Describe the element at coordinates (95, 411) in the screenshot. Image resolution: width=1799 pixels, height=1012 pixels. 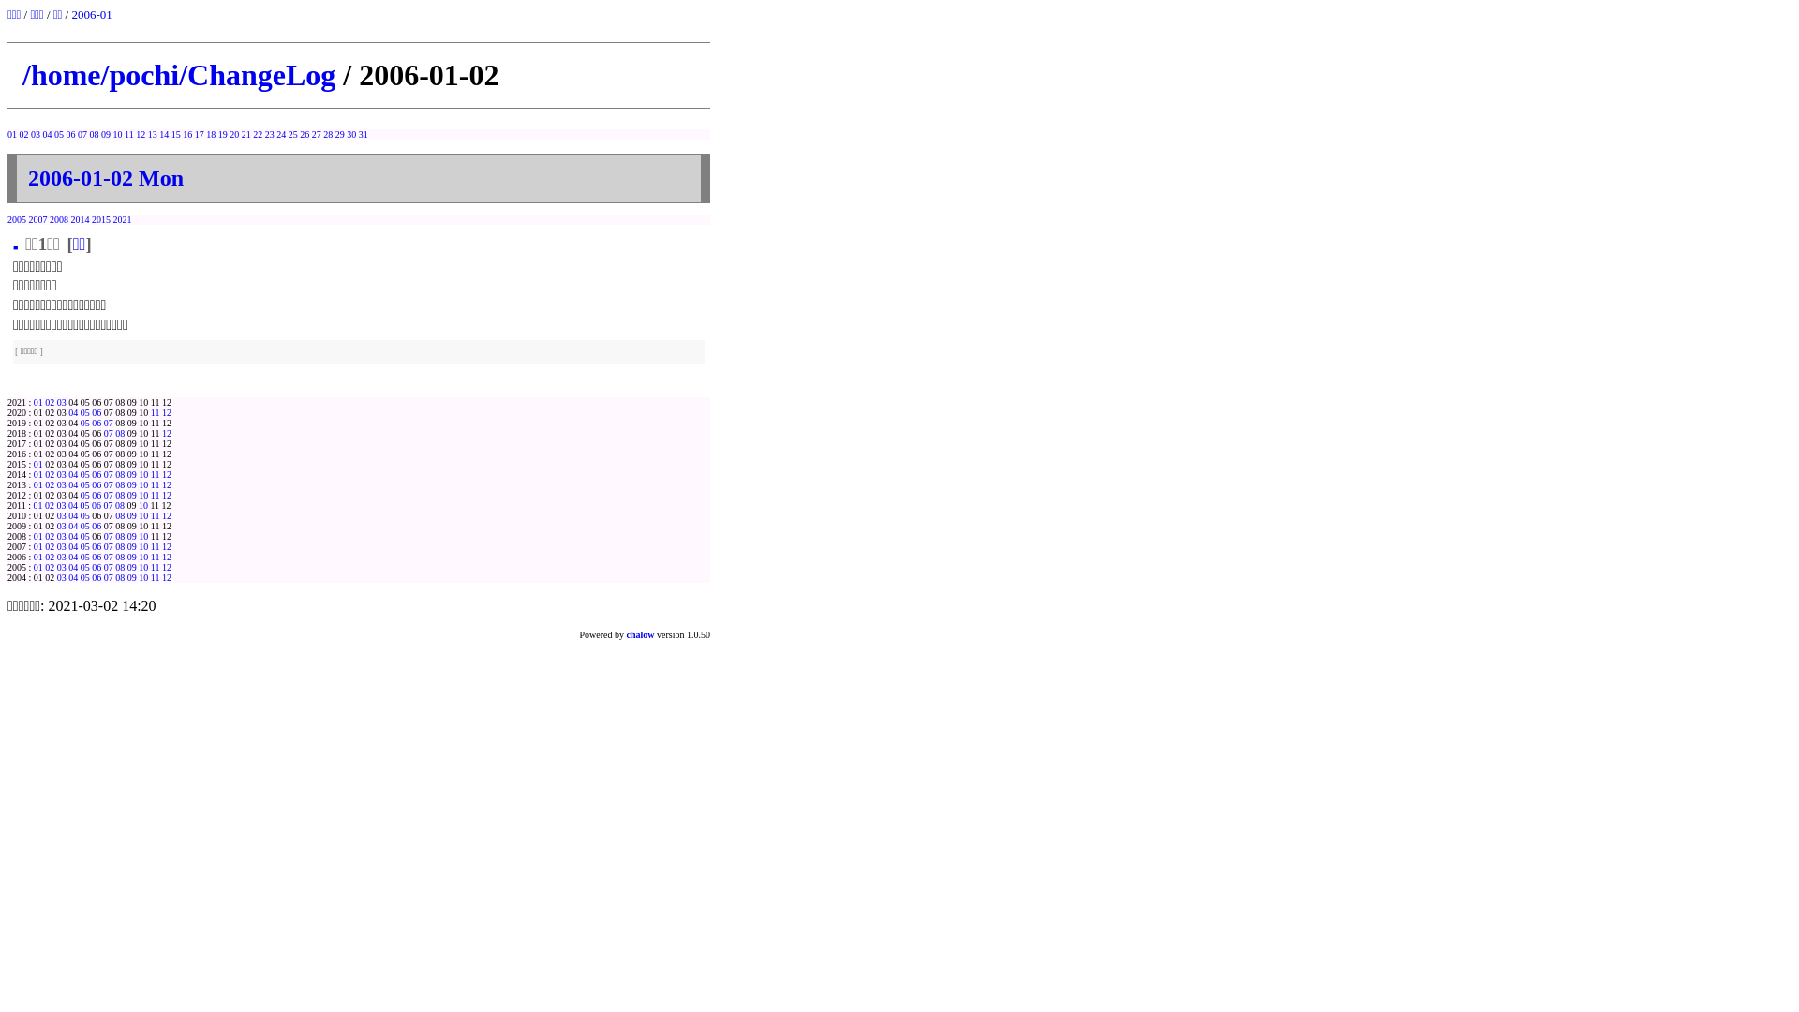
I see `'06'` at that location.